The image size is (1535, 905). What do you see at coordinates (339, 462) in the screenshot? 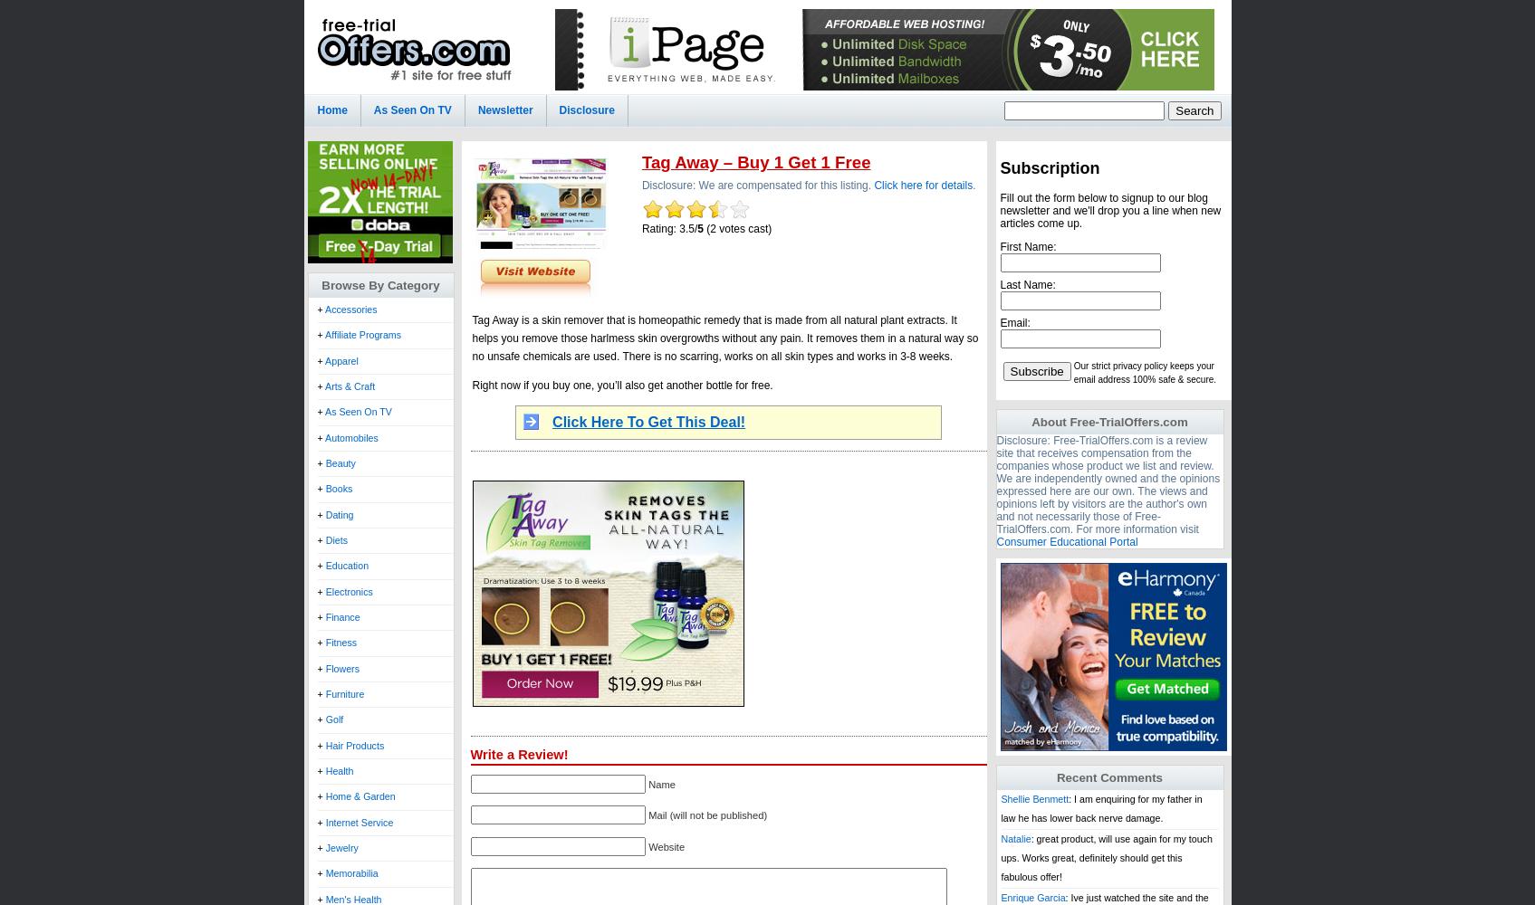
I see `'Beauty'` at bounding box center [339, 462].